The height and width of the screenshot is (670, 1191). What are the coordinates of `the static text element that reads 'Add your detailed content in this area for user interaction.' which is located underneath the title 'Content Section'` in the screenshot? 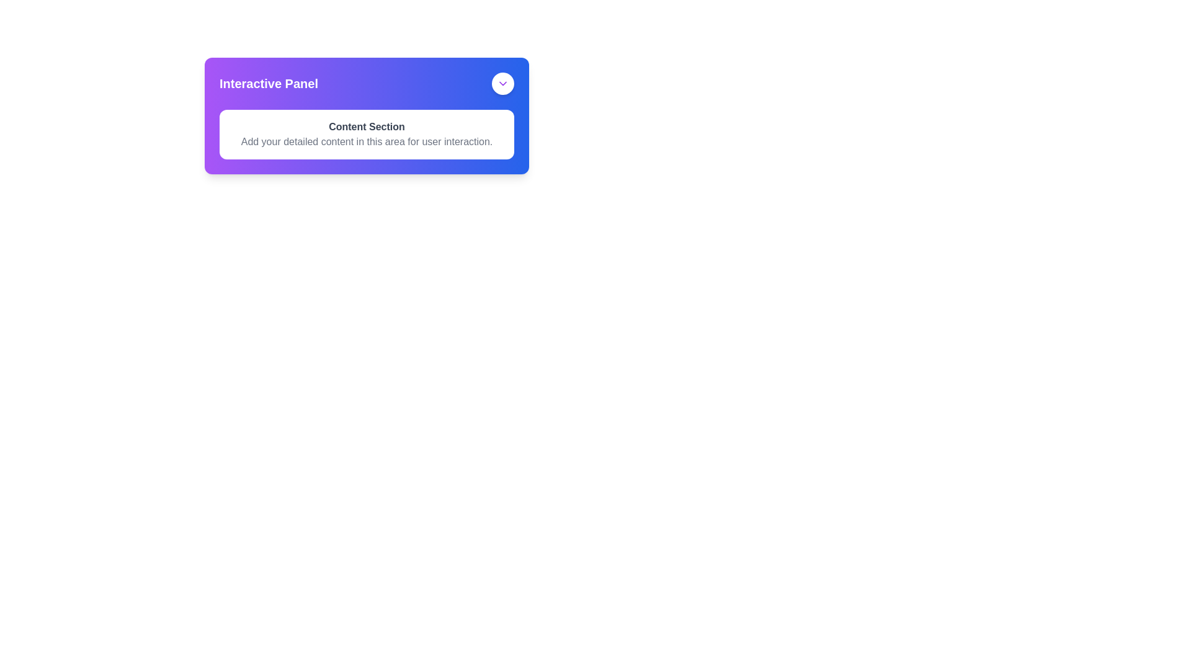 It's located at (366, 141).